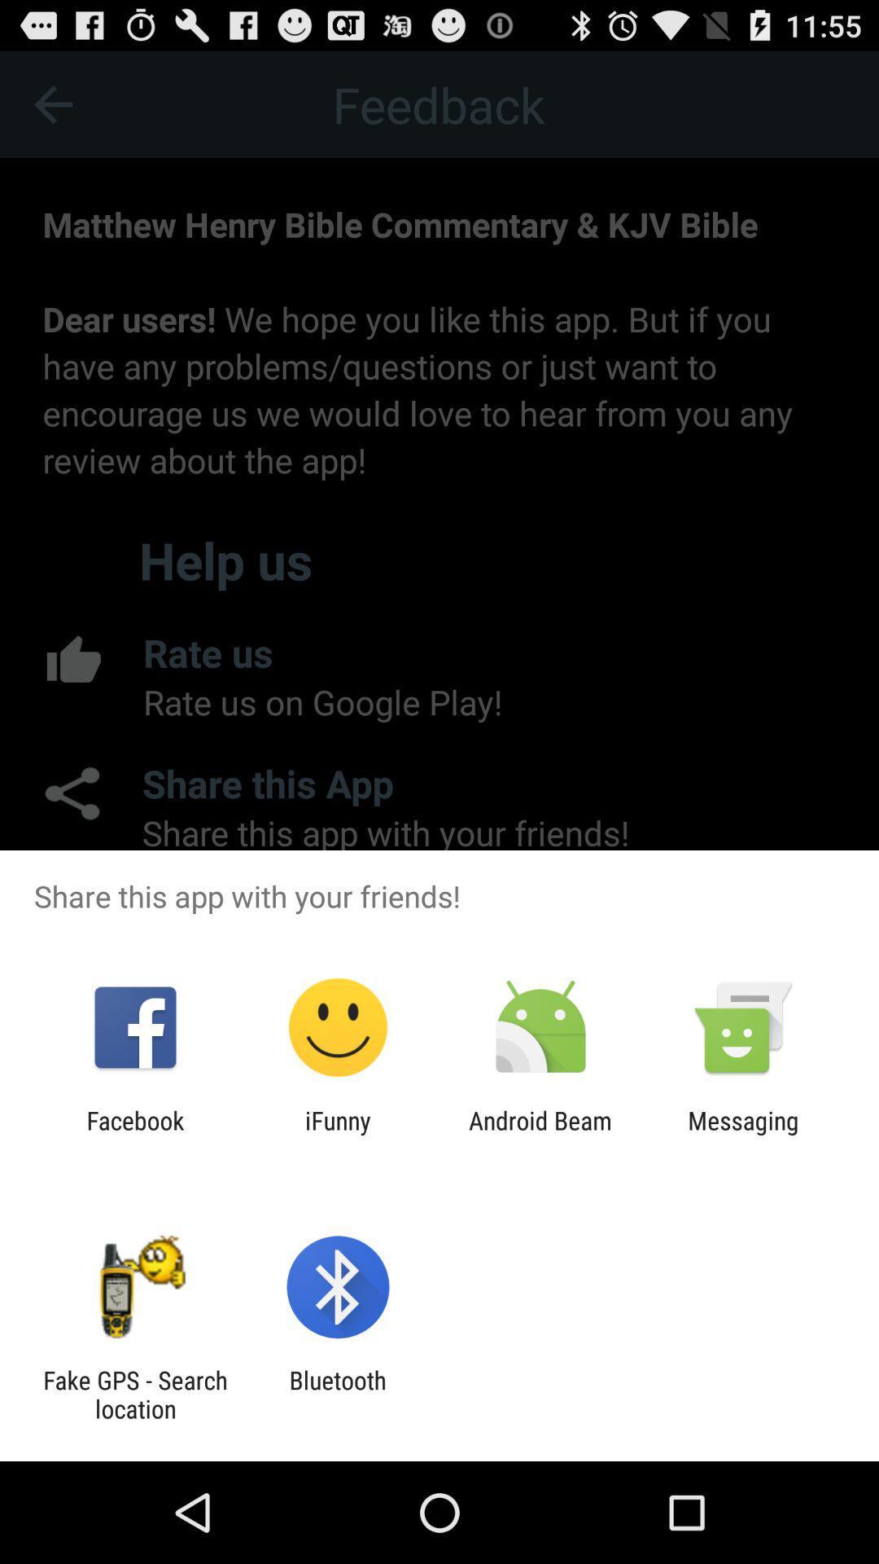 The height and width of the screenshot is (1564, 879). I want to click on the item next to ifunny icon, so click(540, 1134).